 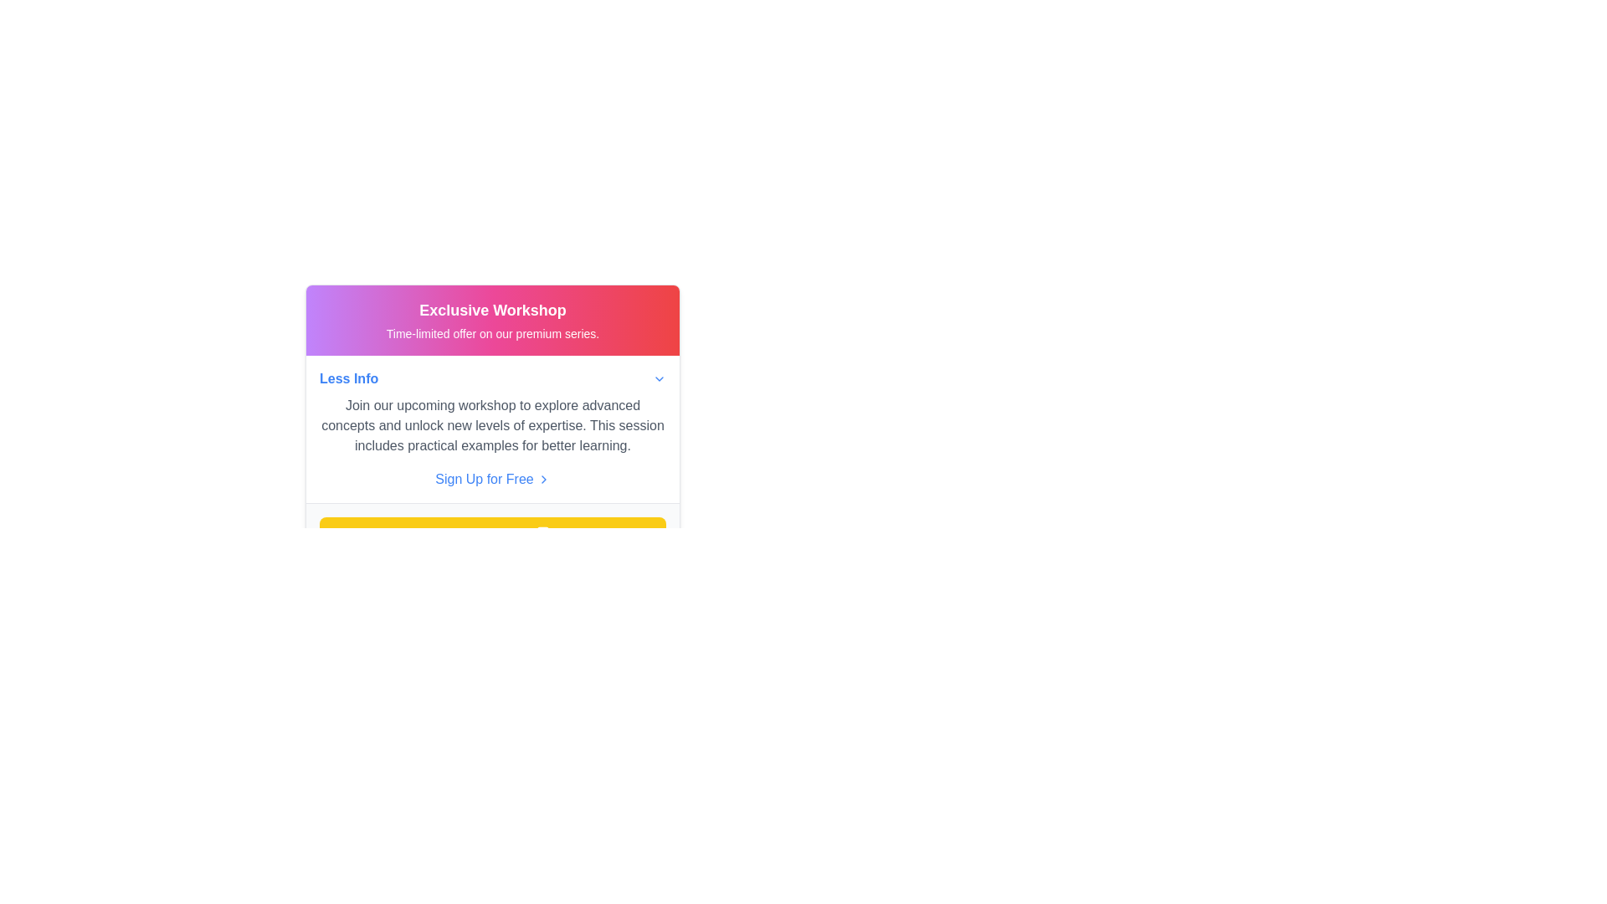 What do you see at coordinates (492, 425) in the screenshot?
I see `descriptive text block about the upcoming workshop, which is styled in gray font and located below the 'Less Info' heading and above the 'Sign Up for Free' button` at bounding box center [492, 425].